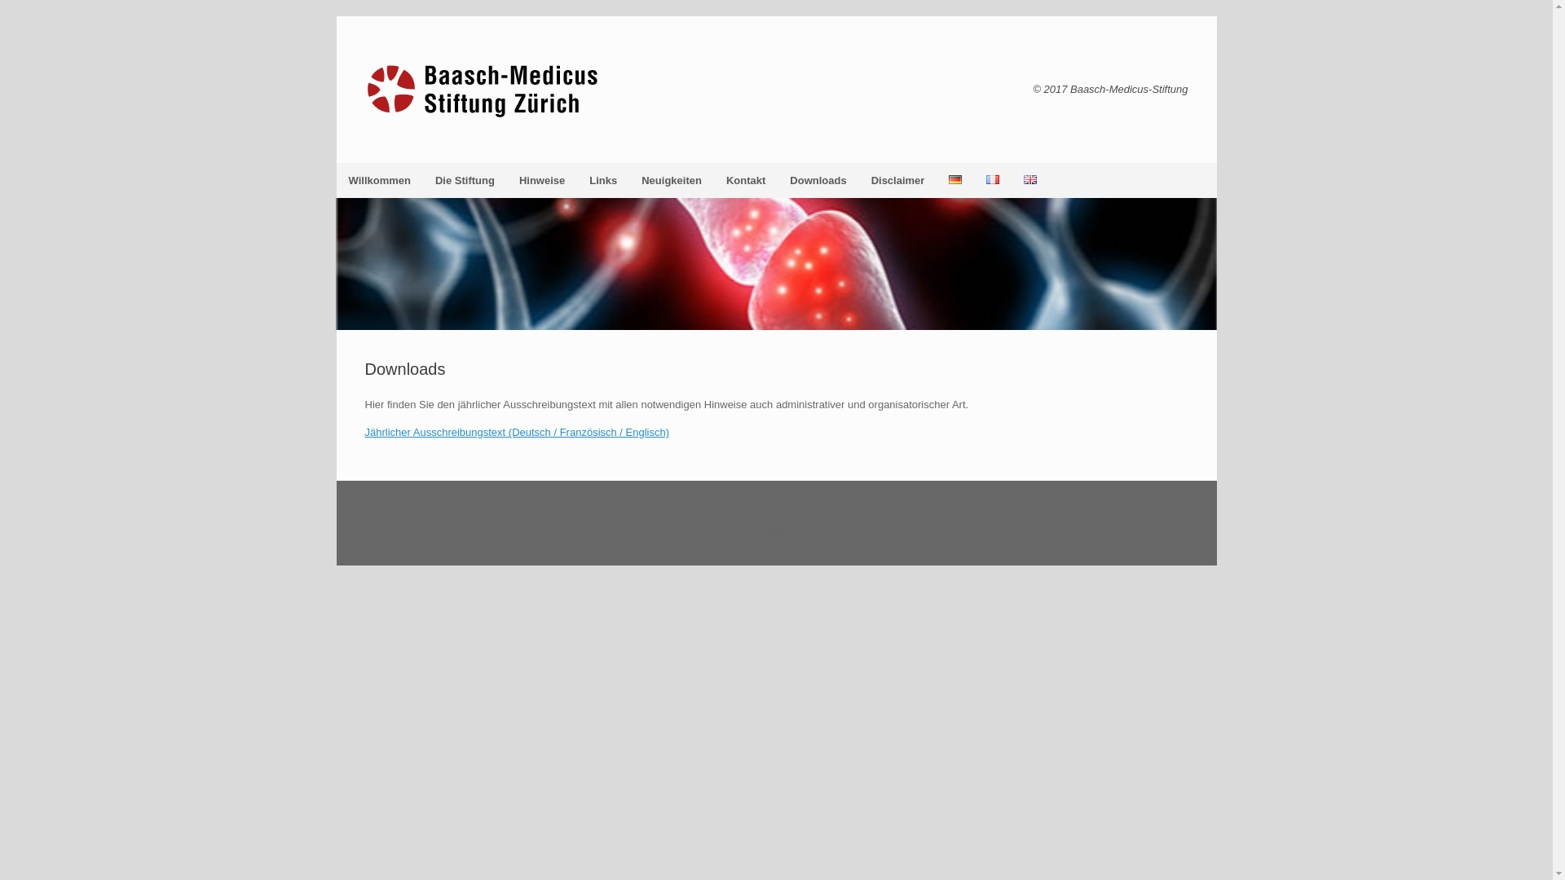 This screenshot has width=1565, height=880. I want to click on 'Kontakt', so click(745, 180).